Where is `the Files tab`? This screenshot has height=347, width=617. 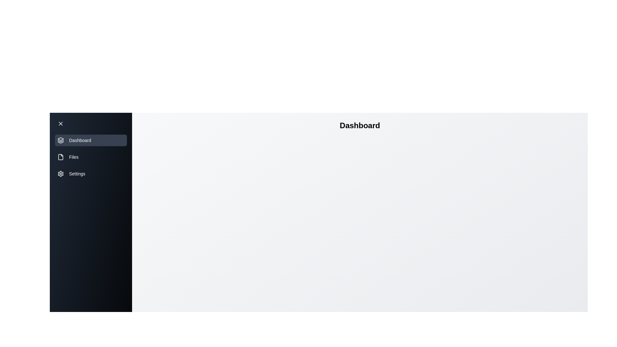 the Files tab is located at coordinates (91, 157).